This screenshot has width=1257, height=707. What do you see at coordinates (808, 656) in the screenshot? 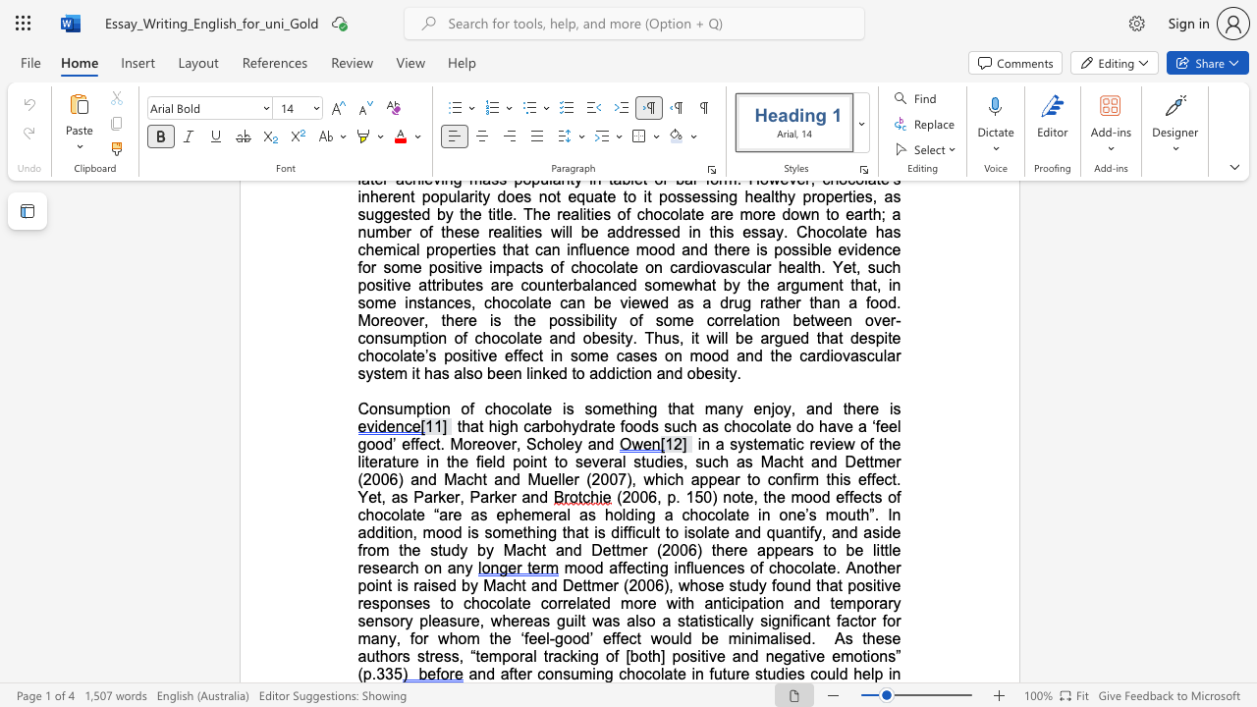
I see `the subset text "ve e" within the text "As these authors stress, “temporal tracking of [both] positive and negative emotions” (p.335"` at bounding box center [808, 656].